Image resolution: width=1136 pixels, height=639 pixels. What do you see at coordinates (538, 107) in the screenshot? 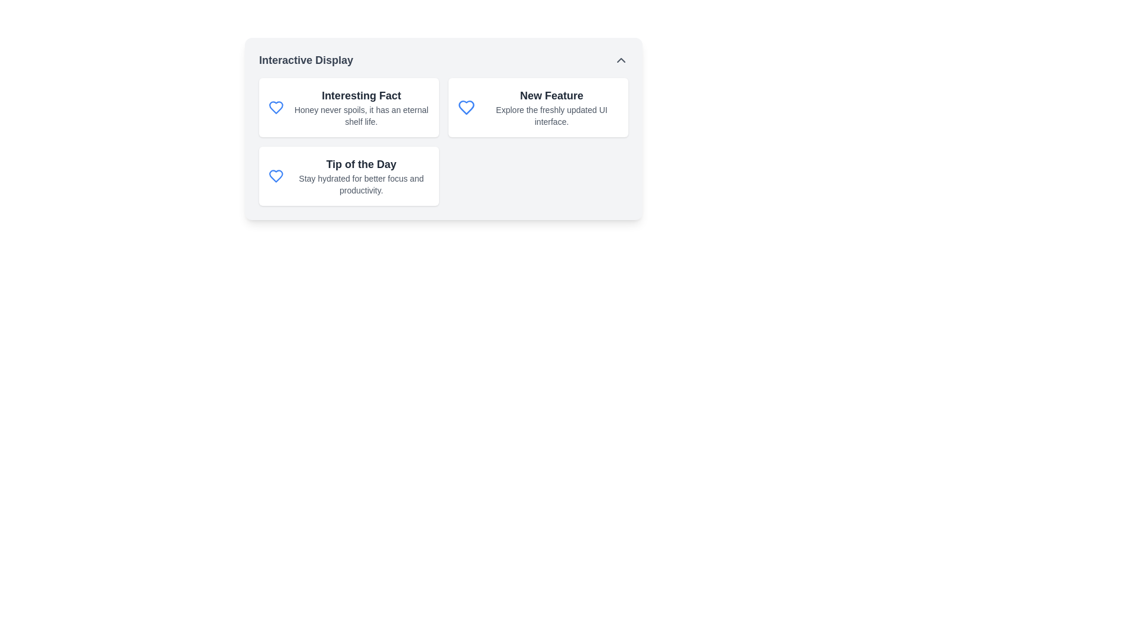
I see `text content of the second informational card or tile that highlights a 'New Feature', located centrally aligned in a grid layout of three items` at bounding box center [538, 107].